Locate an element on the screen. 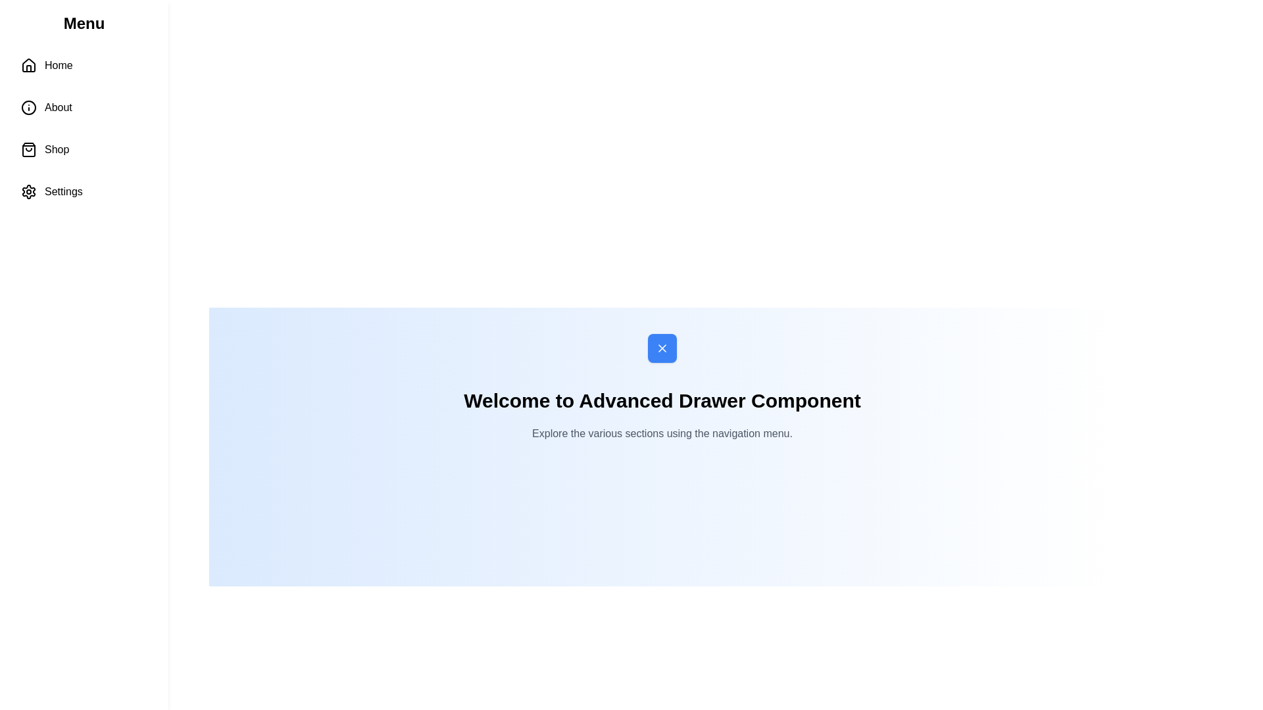 This screenshot has height=710, width=1263. the text block containing 'Explore the various sections using the navigation menu.', which is styled with a grey font on a light blue background and is located below the heading 'Welcome to Advanced Drawer Component' is located at coordinates (662, 433).